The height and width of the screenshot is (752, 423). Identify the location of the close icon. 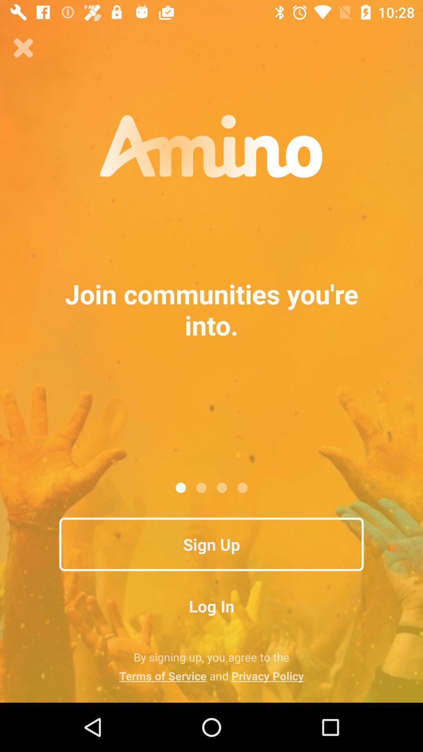
(23, 48).